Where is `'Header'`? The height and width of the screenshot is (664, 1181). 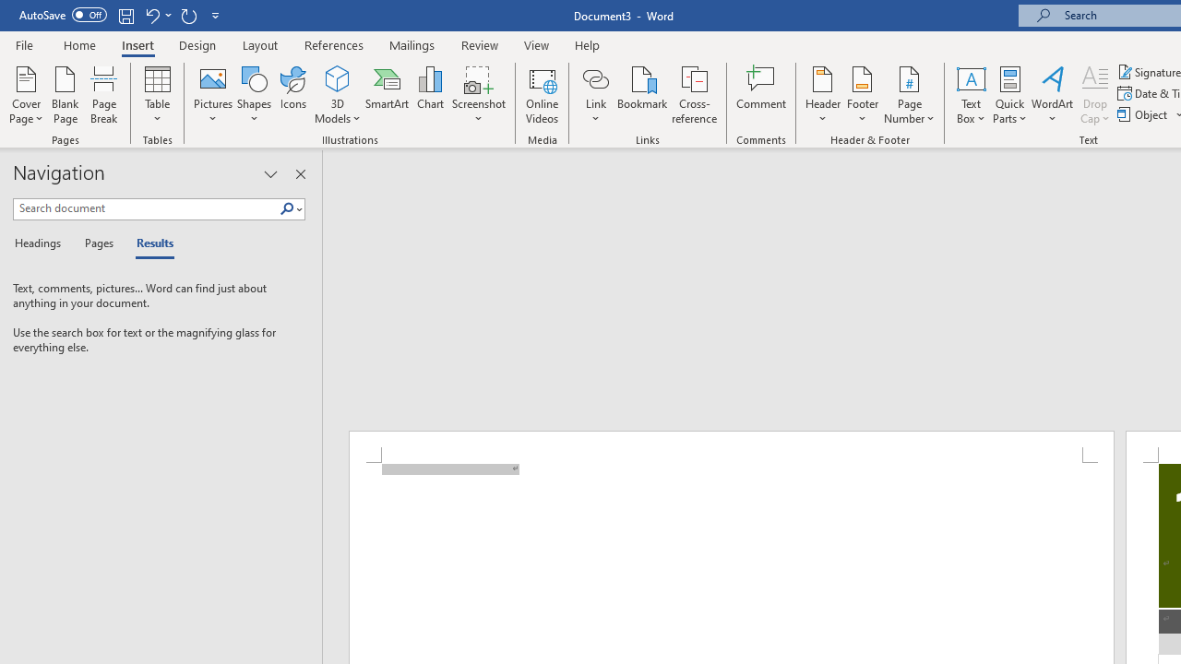 'Header' is located at coordinates (822, 95).